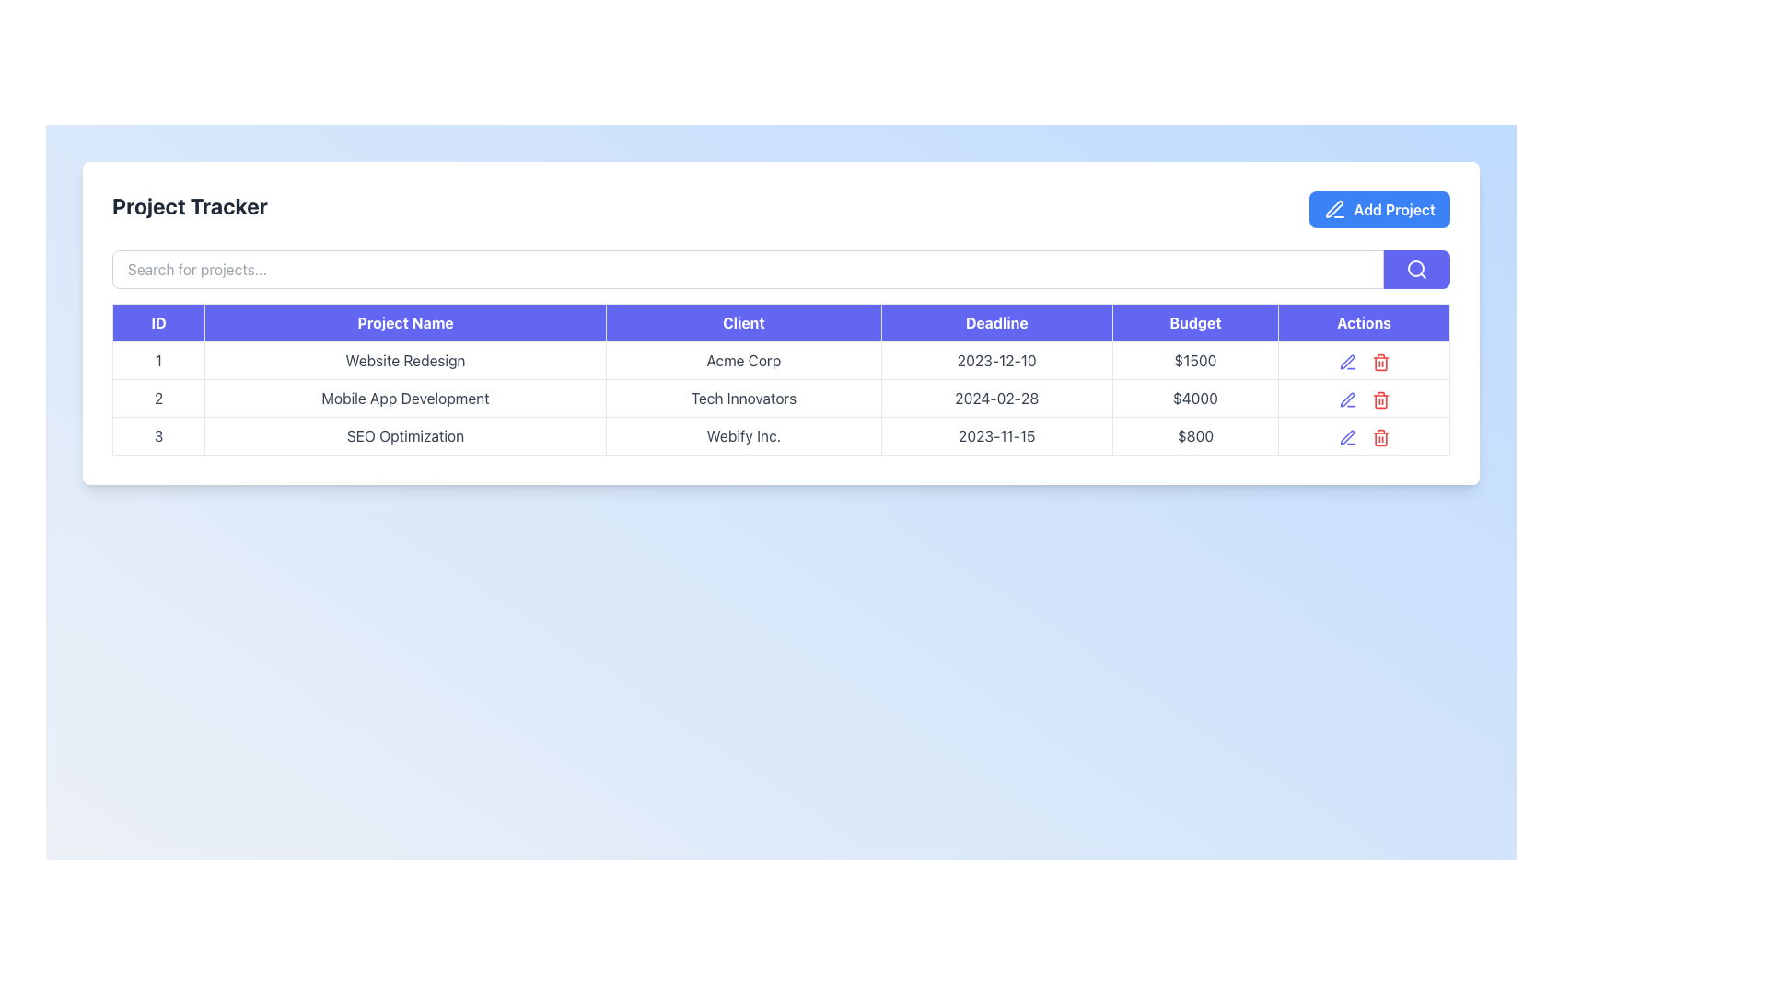  Describe the element at coordinates (1364, 361) in the screenshot. I see `the red trash icon located in the last column 'Actions' of the first row in the table` at that location.